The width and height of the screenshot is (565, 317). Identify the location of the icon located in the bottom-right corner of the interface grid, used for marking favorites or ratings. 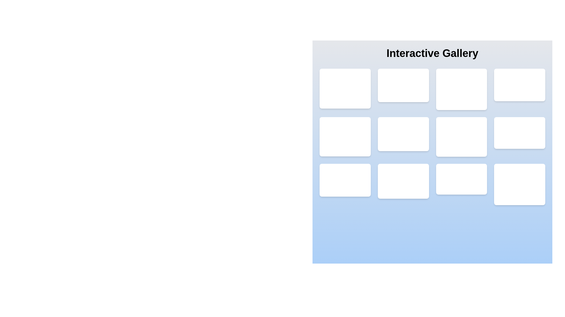
(468, 192).